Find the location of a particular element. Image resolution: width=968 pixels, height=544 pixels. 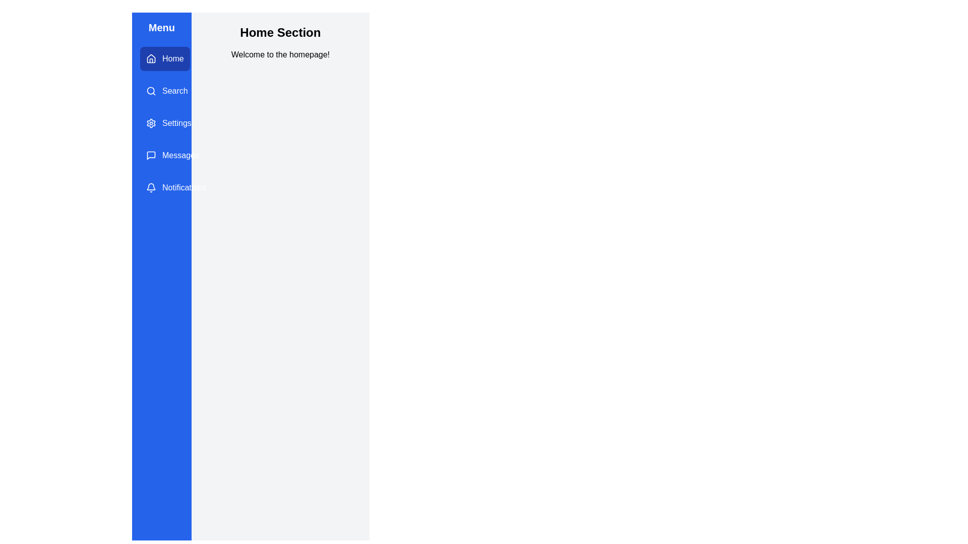

the outlined bell icon on the sidebar menu is located at coordinates (150, 188).